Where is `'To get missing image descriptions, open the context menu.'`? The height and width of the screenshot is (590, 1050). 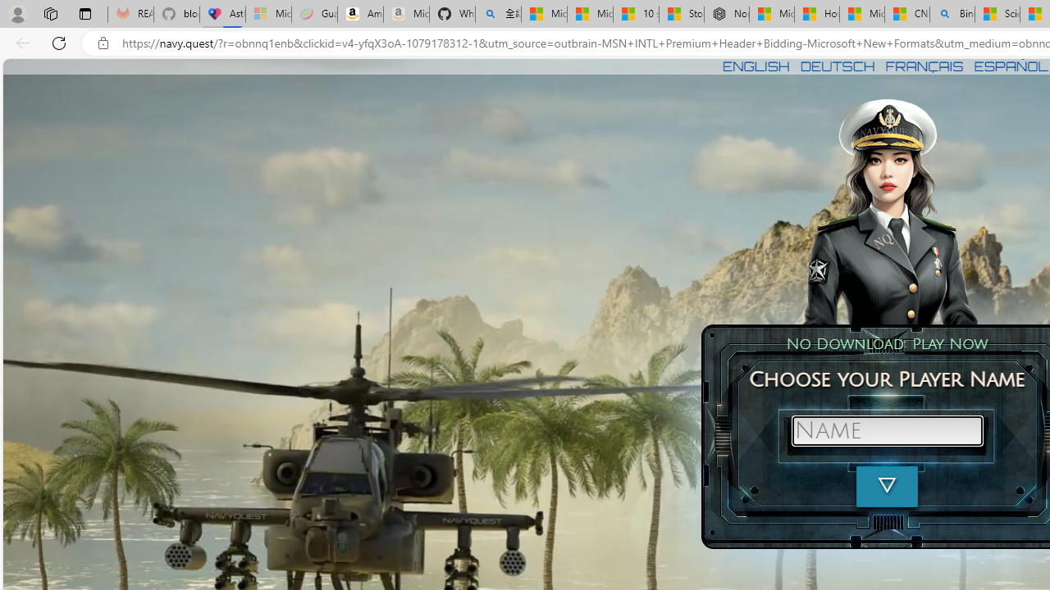 'To get missing image descriptions, open the context menu.' is located at coordinates (888, 209).